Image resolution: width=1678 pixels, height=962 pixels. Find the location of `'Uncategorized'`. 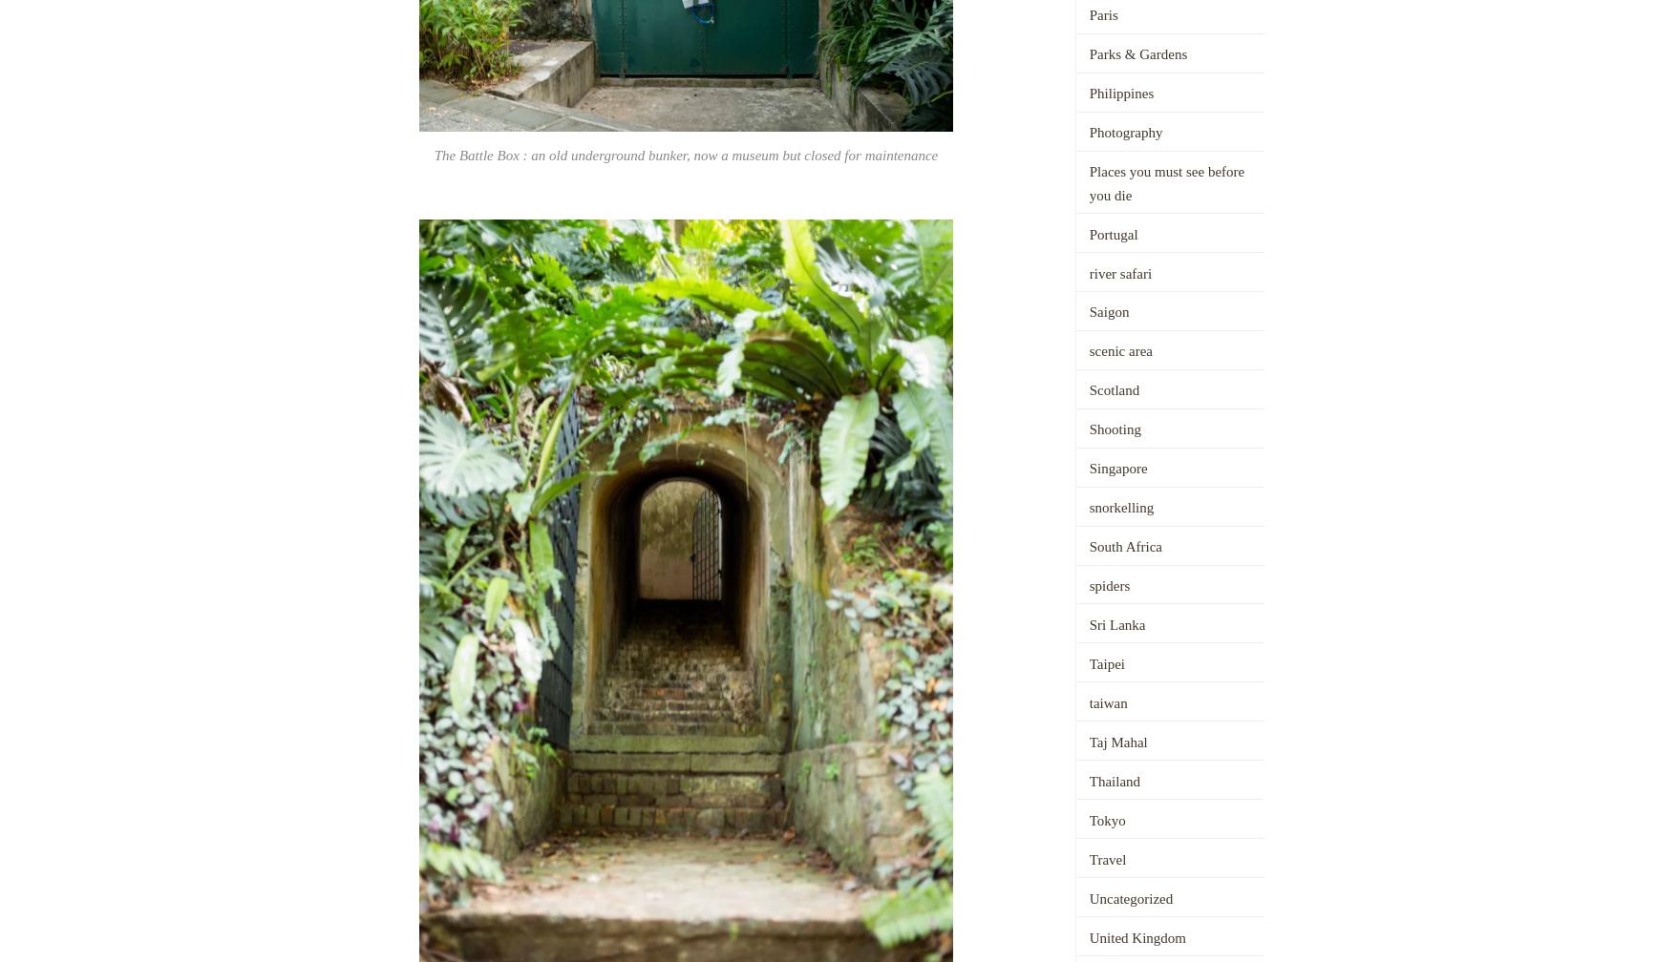

'Uncategorized' is located at coordinates (1130, 898).